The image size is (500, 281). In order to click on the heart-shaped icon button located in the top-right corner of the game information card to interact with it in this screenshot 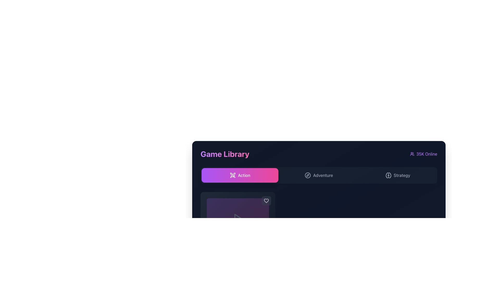, I will do `click(266, 200)`.